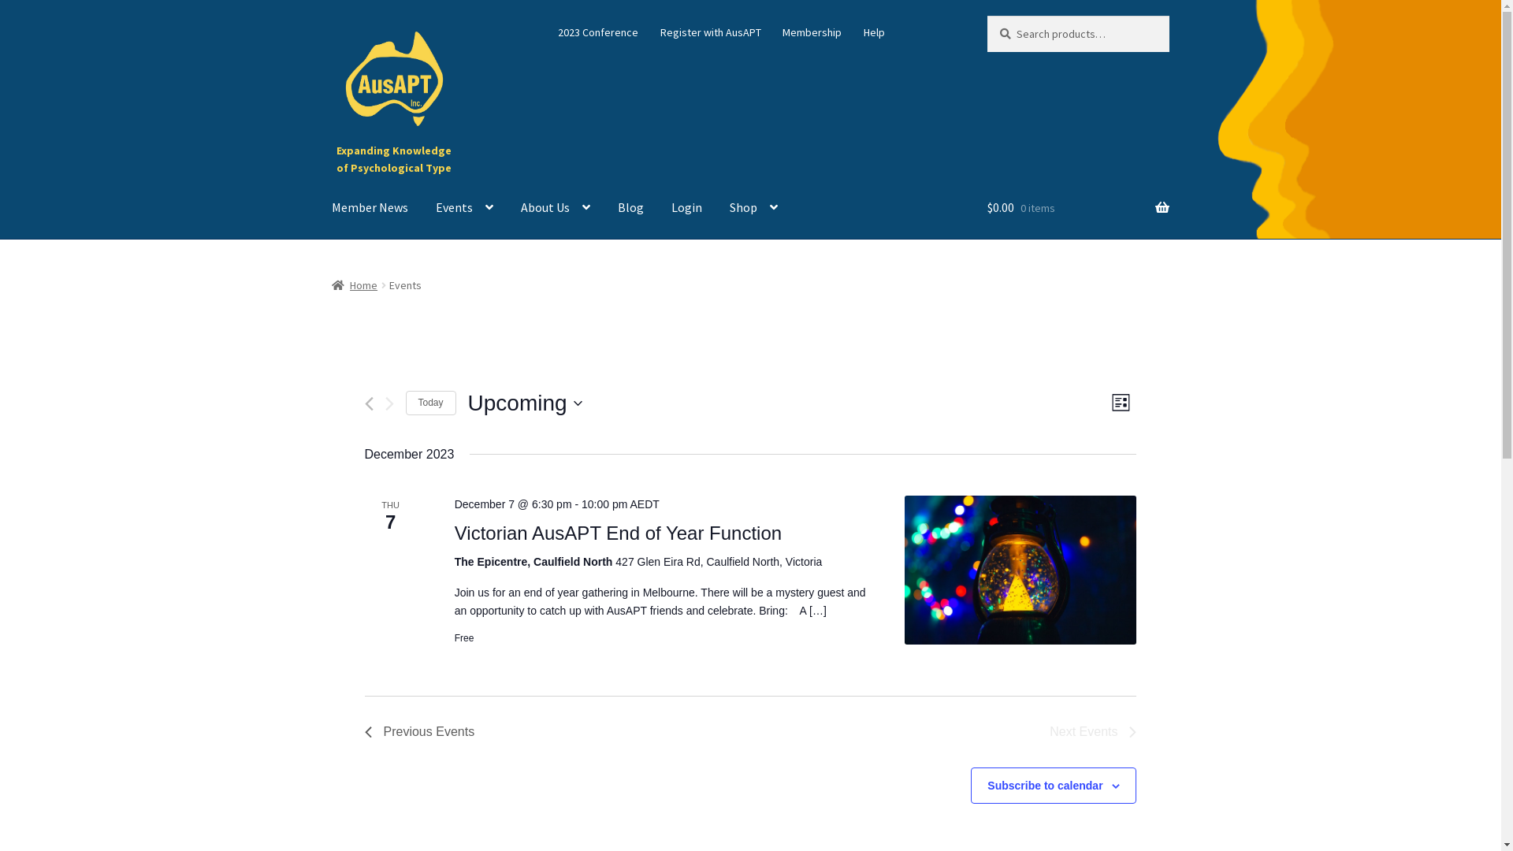 The height and width of the screenshot is (851, 1513). Describe the element at coordinates (1077, 206) in the screenshot. I see `'$0.00 0 items'` at that location.